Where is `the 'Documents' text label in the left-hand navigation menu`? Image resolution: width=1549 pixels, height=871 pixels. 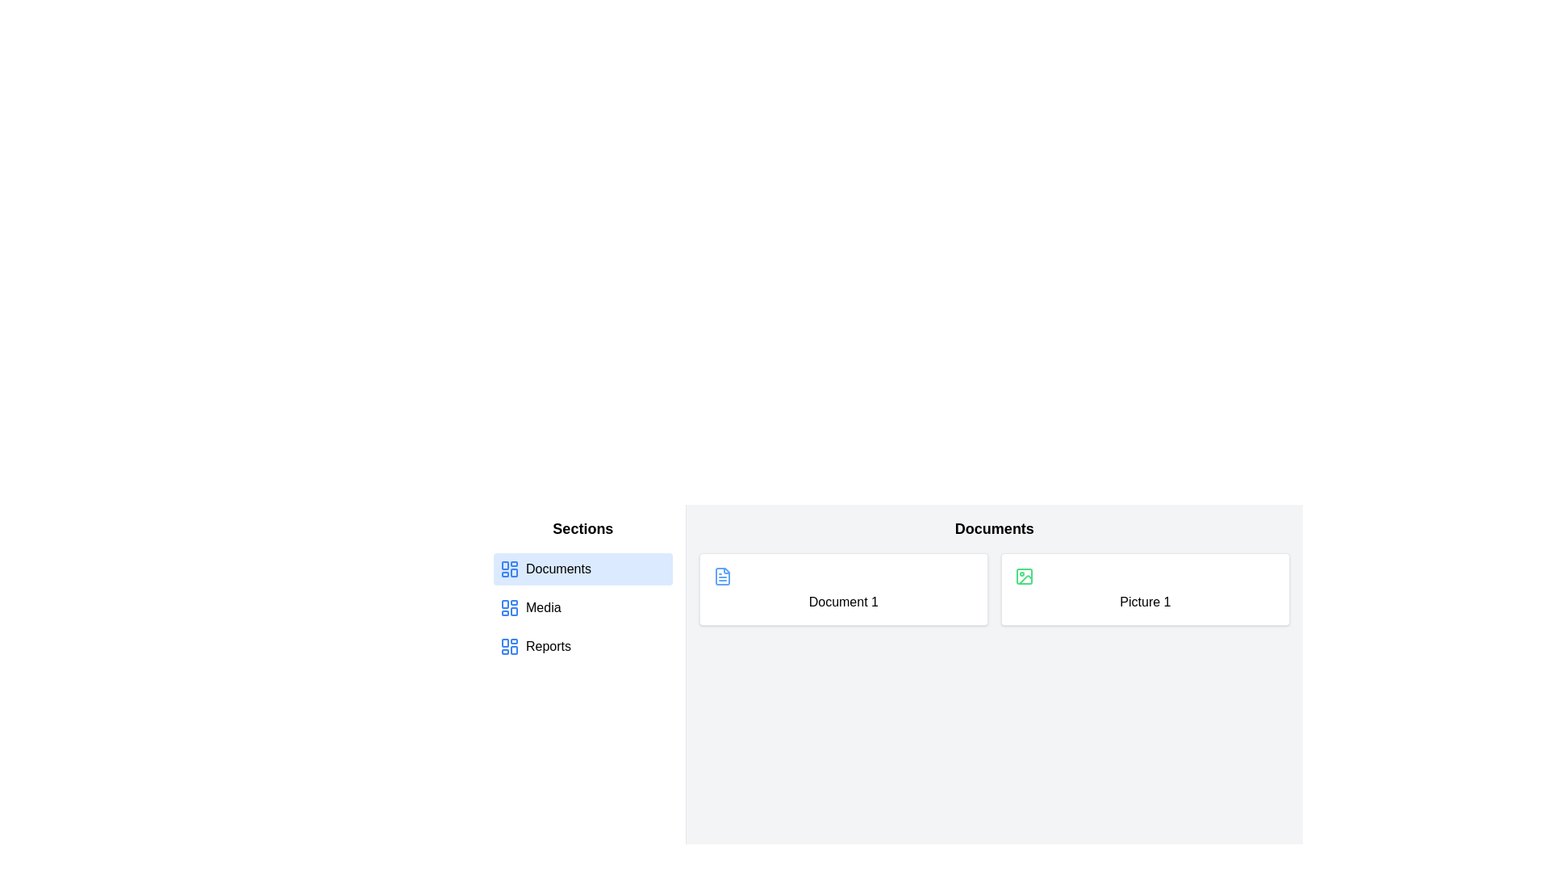 the 'Documents' text label in the left-hand navigation menu is located at coordinates (558, 568).